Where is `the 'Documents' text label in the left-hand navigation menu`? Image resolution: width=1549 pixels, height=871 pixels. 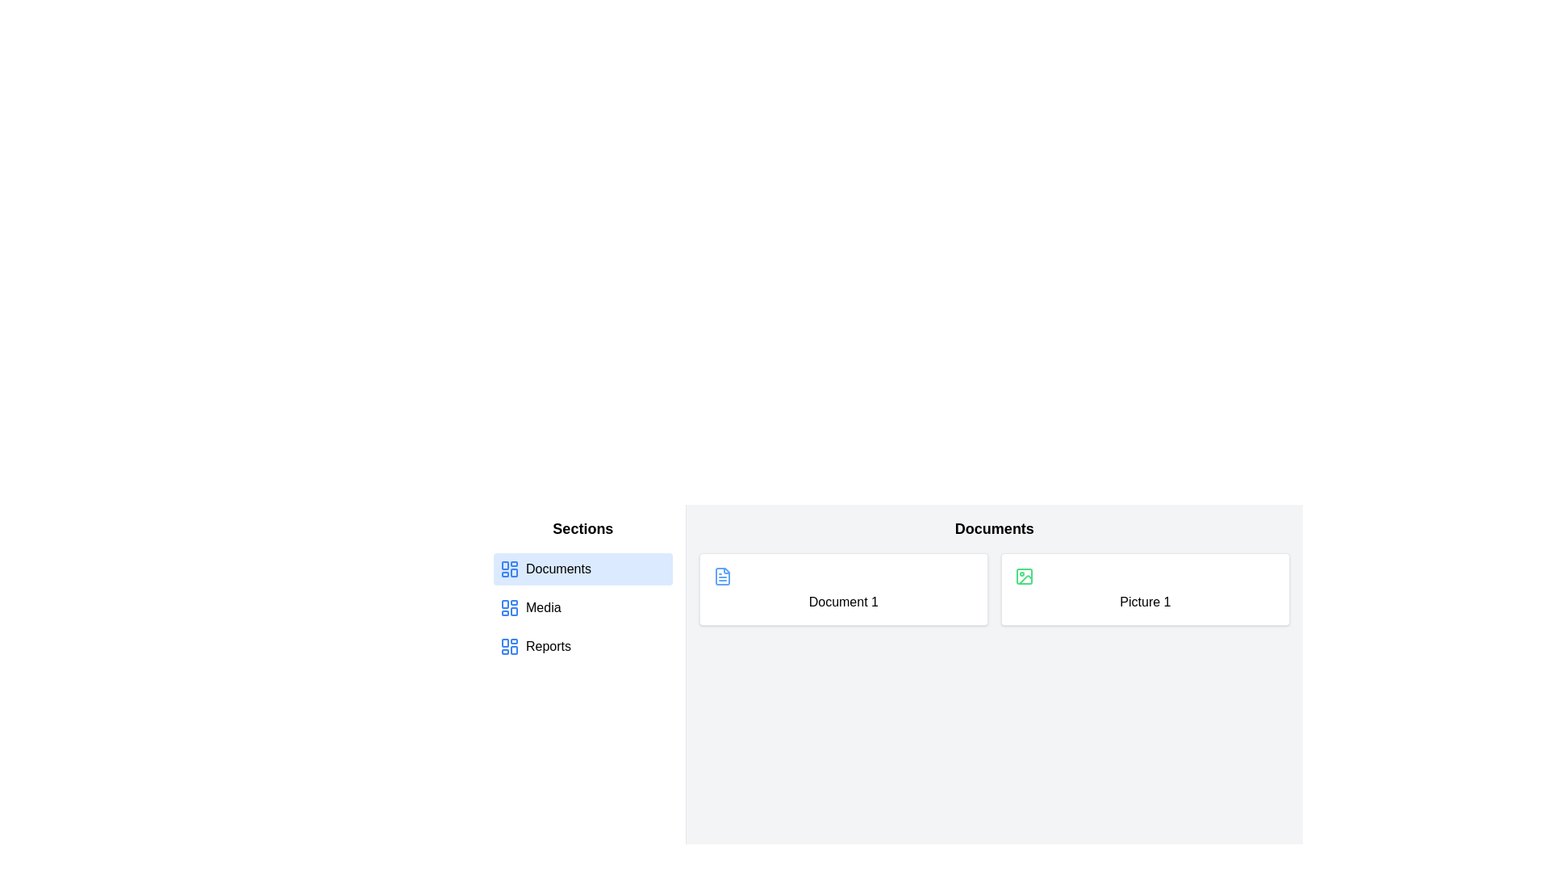 the 'Documents' text label in the left-hand navigation menu is located at coordinates (558, 568).